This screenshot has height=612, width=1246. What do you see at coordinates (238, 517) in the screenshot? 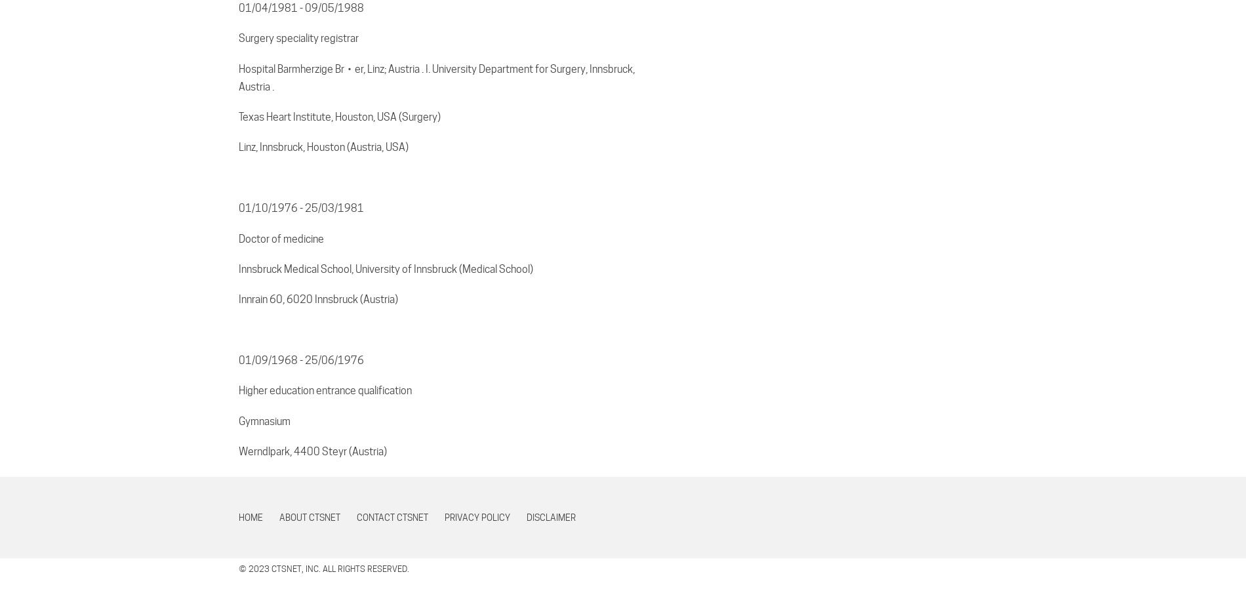
I see `'Home'` at bounding box center [238, 517].